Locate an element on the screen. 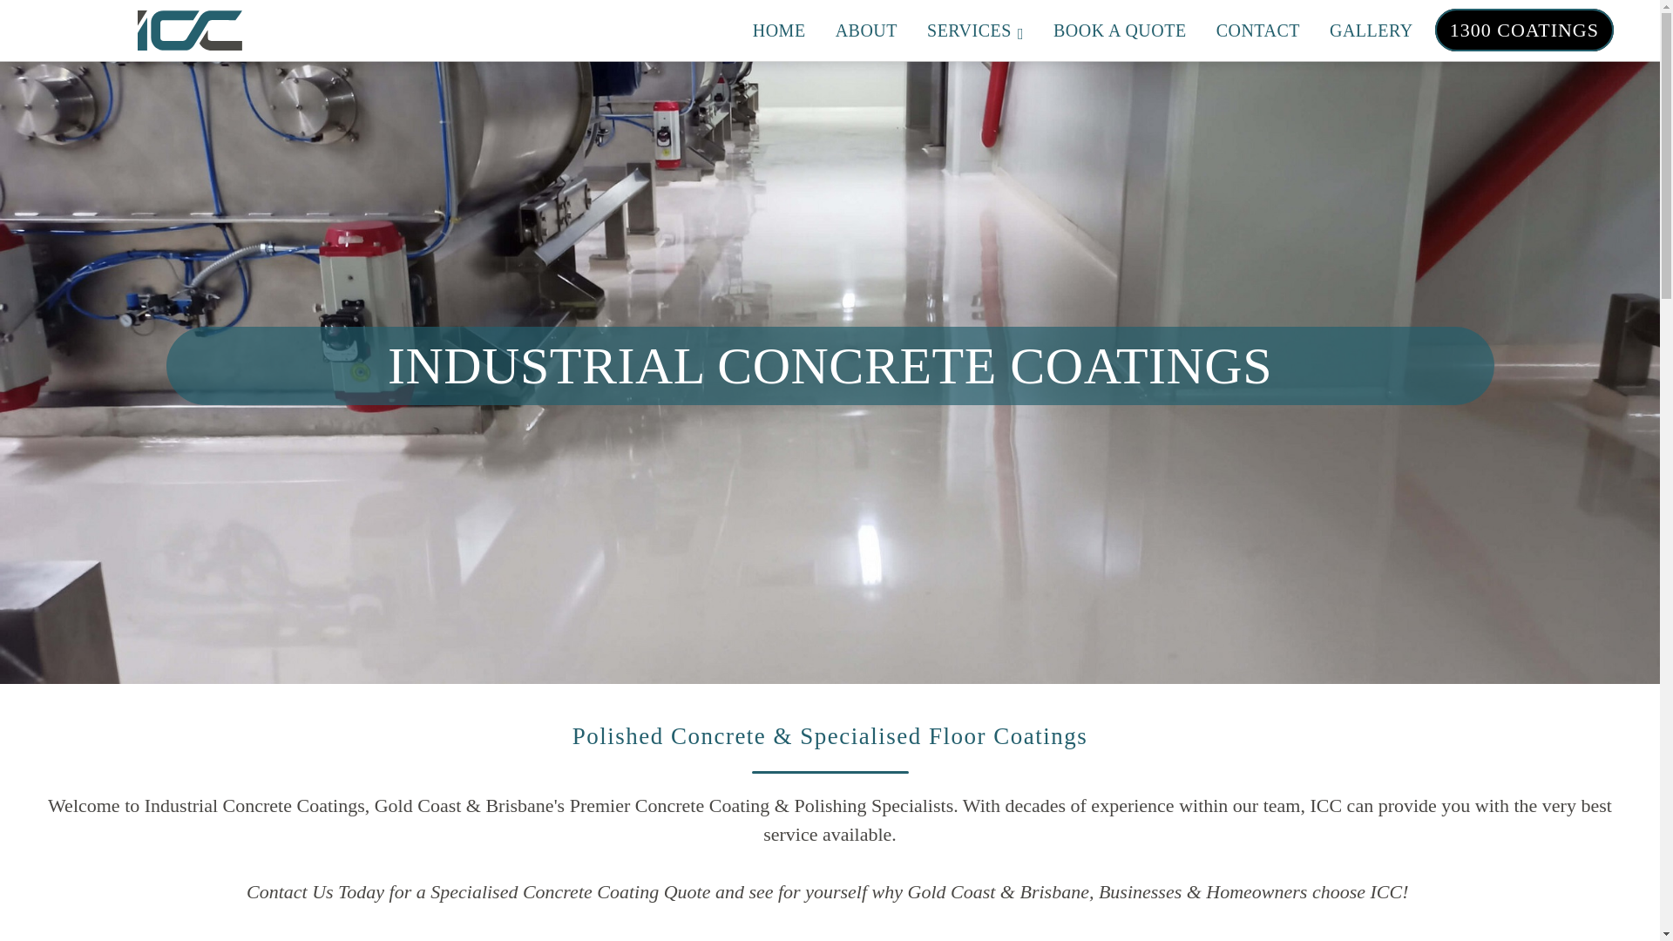  'ABOUT' is located at coordinates (866, 30).